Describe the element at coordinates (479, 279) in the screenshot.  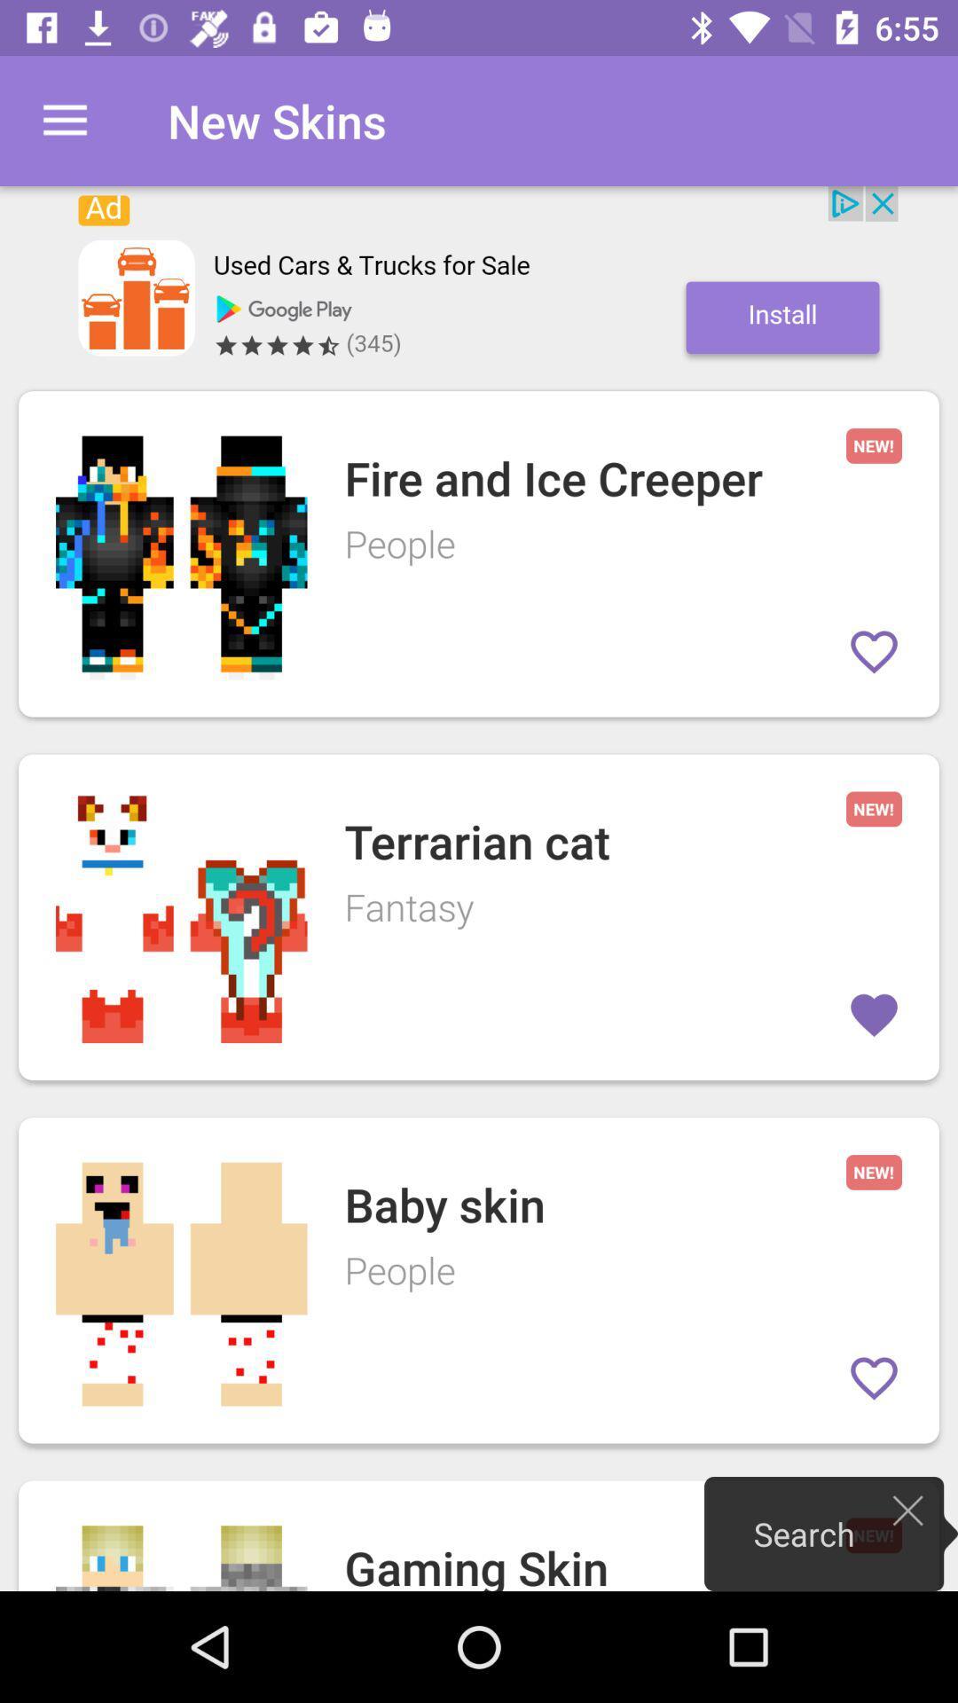
I see `advertisement link` at that location.